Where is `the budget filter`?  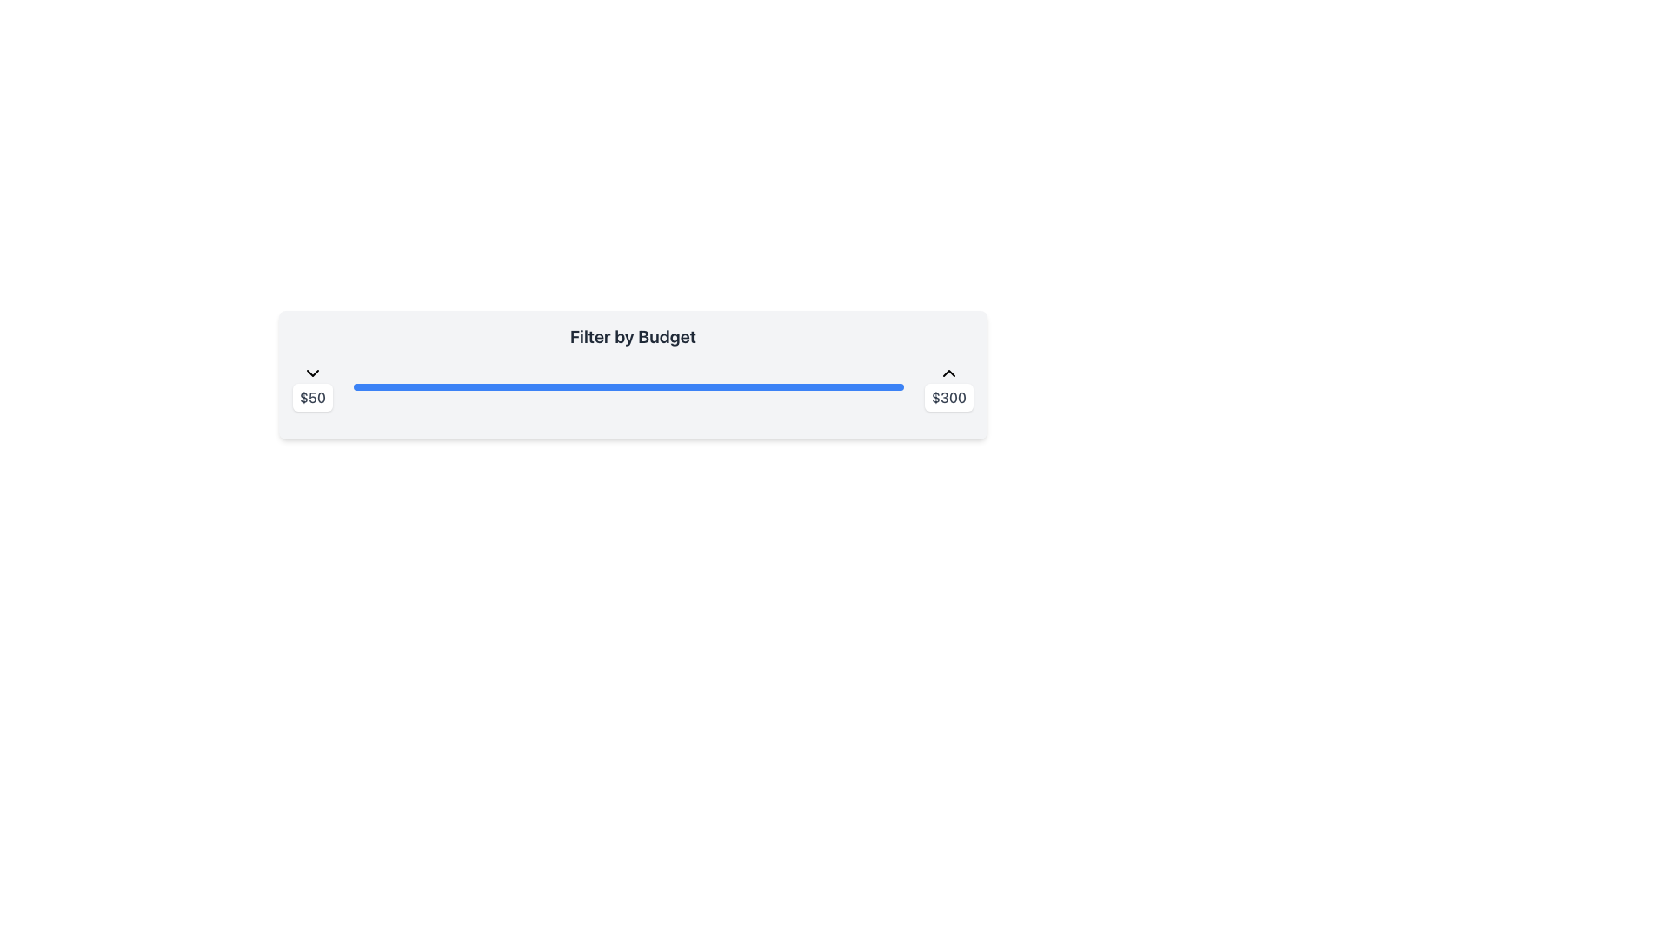 the budget filter is located at coordinates (899, 386).